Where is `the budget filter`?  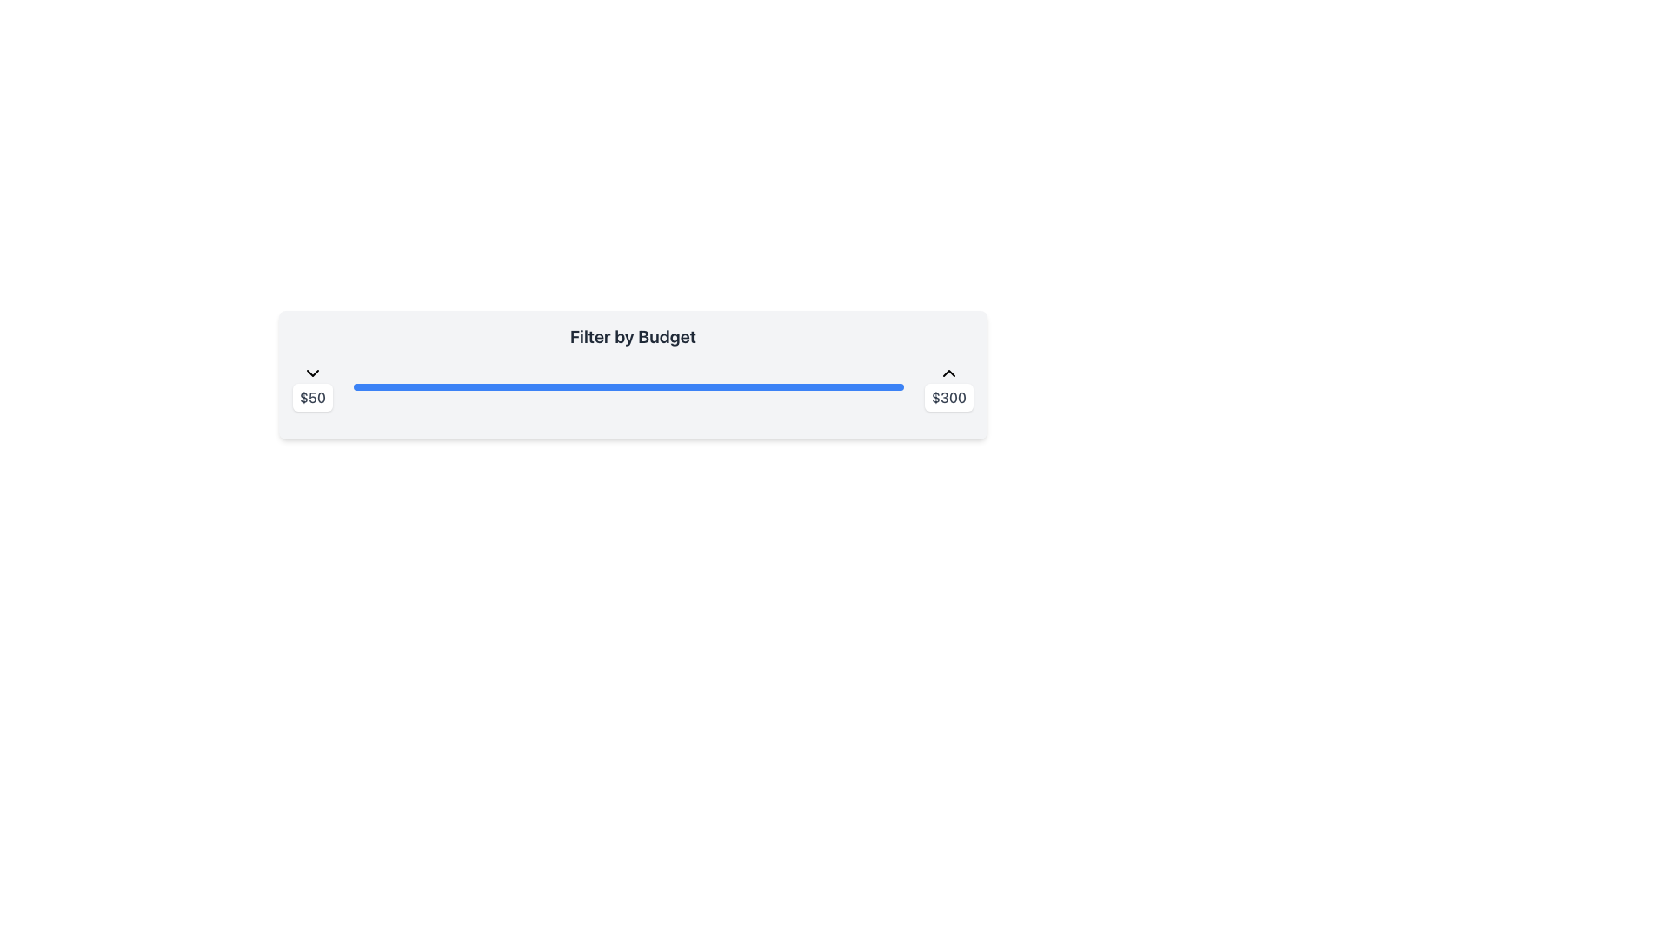 the budget filter is located at coordinates (899, 386).